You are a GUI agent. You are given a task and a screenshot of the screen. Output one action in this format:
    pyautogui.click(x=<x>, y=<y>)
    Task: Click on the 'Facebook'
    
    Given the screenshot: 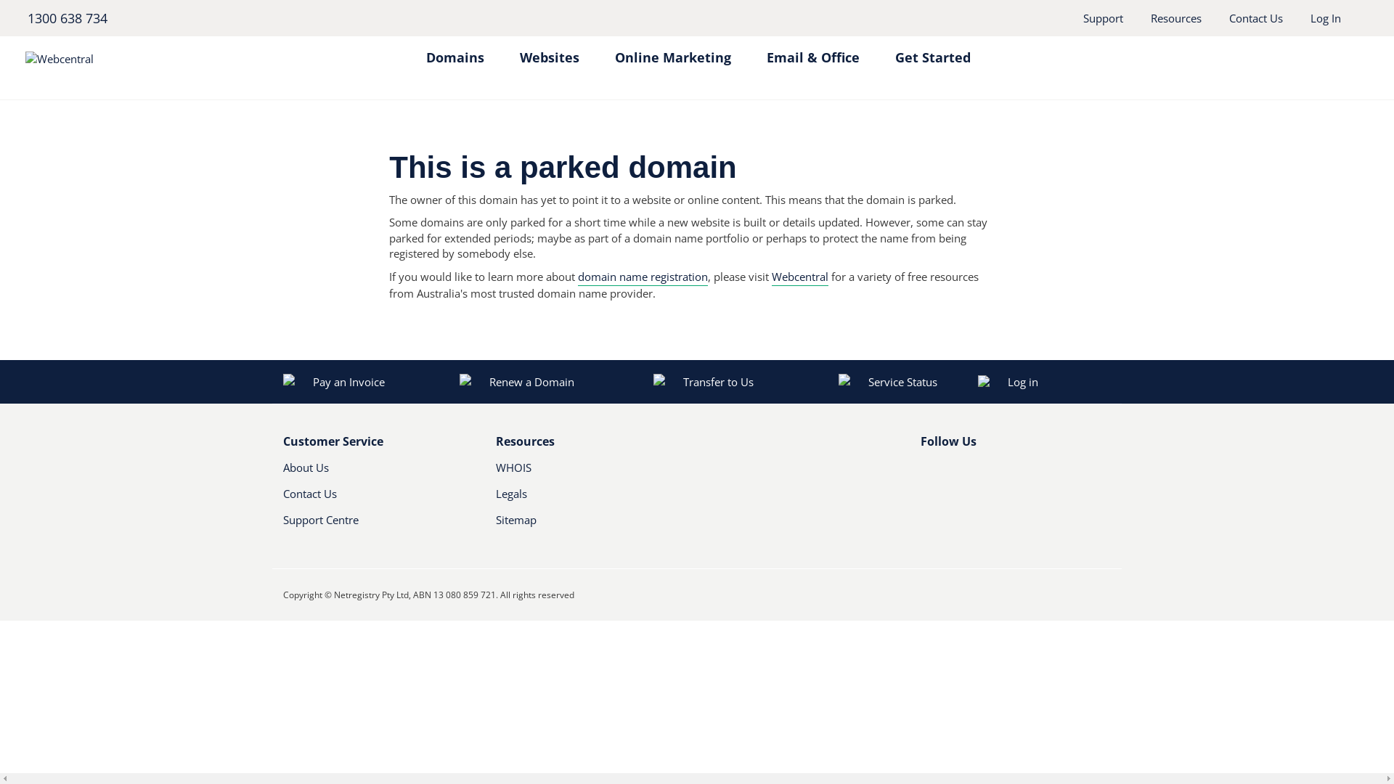 What is the action you would take?
    pyautogui.click(x=919, y=473)
    